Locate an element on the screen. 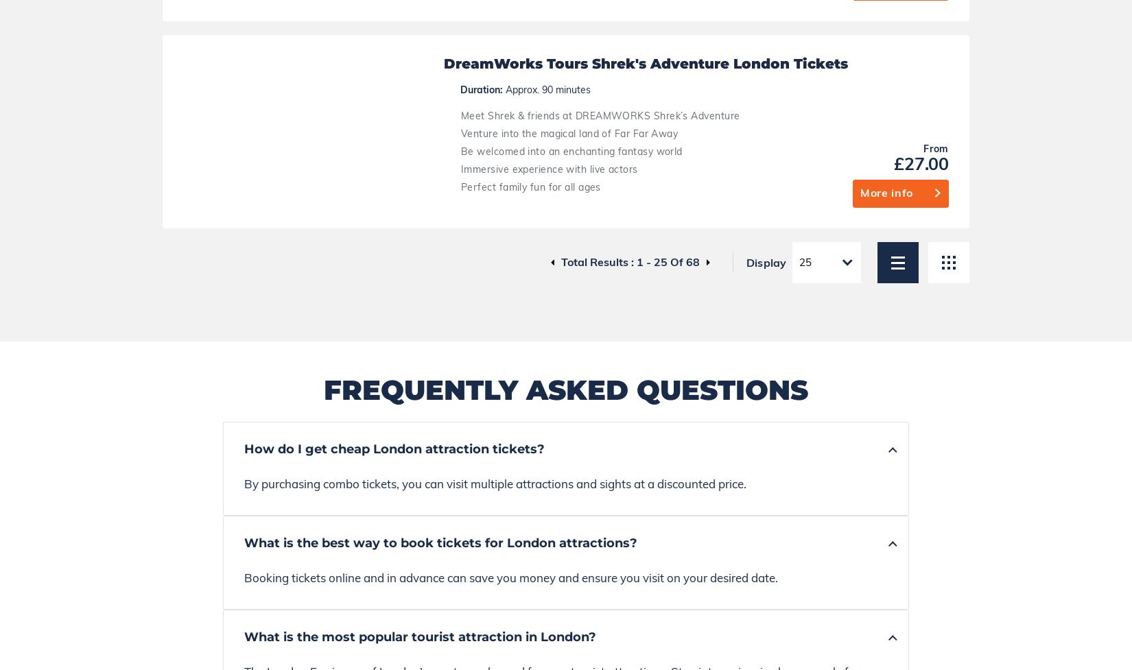  'The majority of tourist attractions and museums in London are open on Sundays.' is located at coordinates (458, 289).